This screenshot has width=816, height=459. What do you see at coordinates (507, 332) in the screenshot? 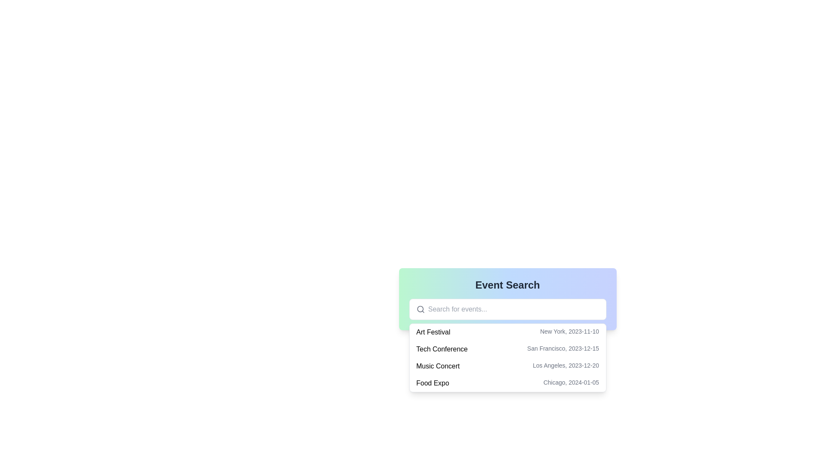
I see `the List item displaying 'Art Festival' with the date 'New York, 2023-11-10' located in the first row of the event search results` at bounding box center [507, 332].